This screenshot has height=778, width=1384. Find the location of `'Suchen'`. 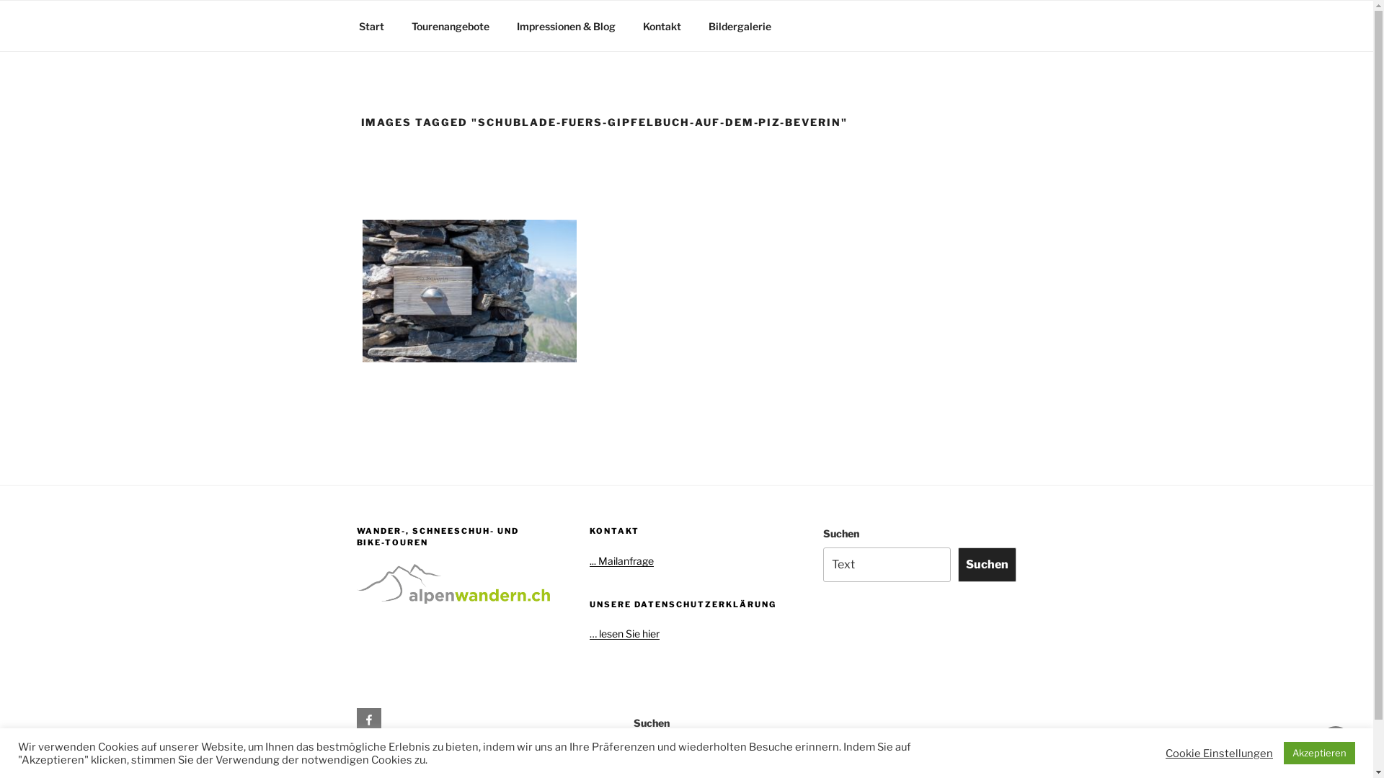

'Suchen' is located at coordinates (986, 563).